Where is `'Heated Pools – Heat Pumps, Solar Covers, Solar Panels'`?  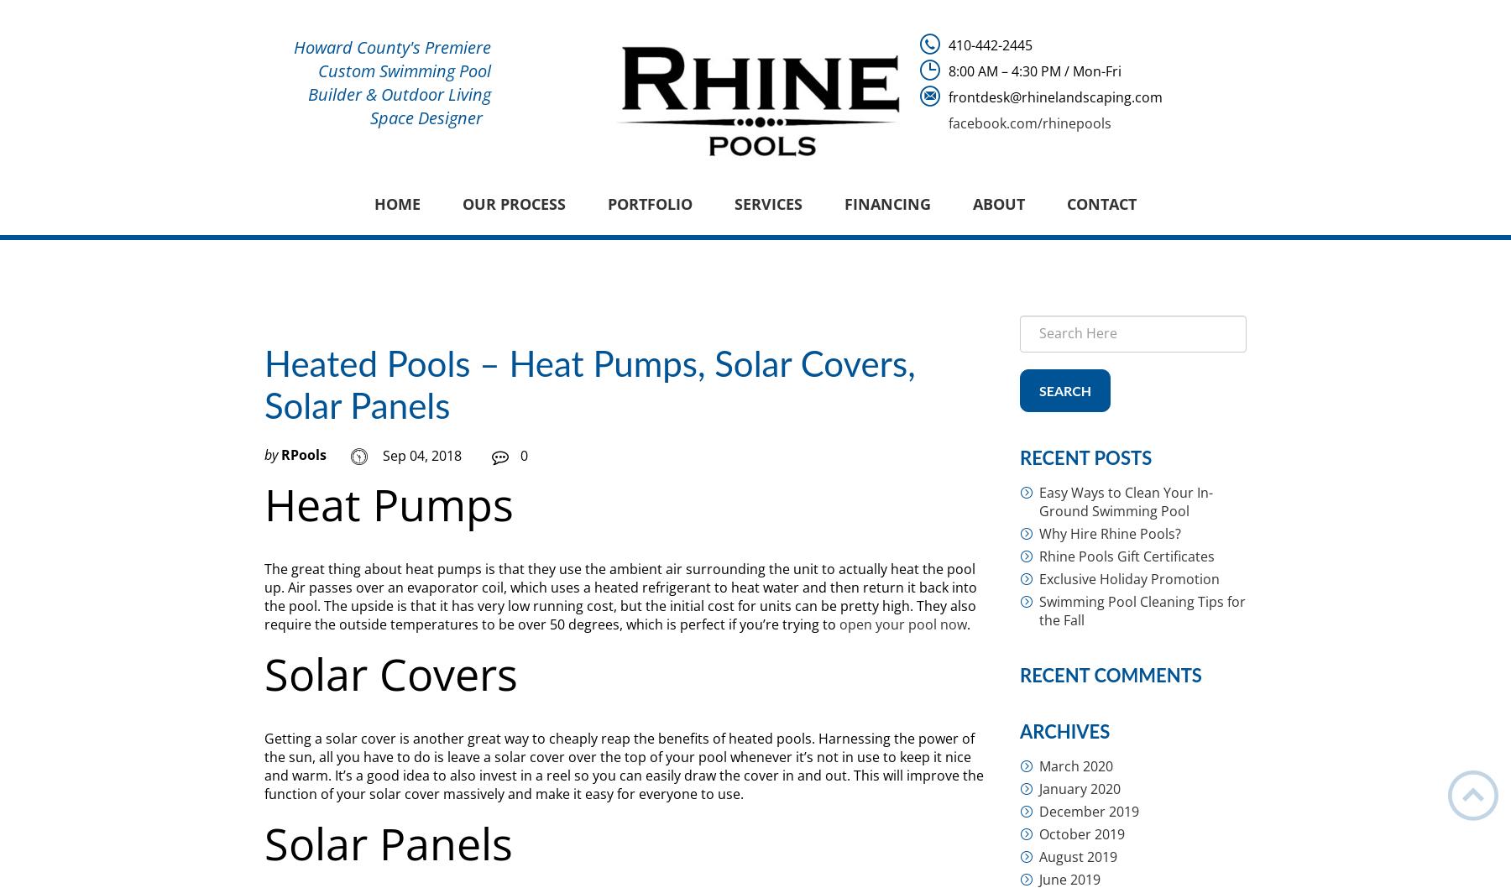 'Heated Pools – Heat Pumps, Solar Covers, Solar Panels' is located at coordinates (588, 385).